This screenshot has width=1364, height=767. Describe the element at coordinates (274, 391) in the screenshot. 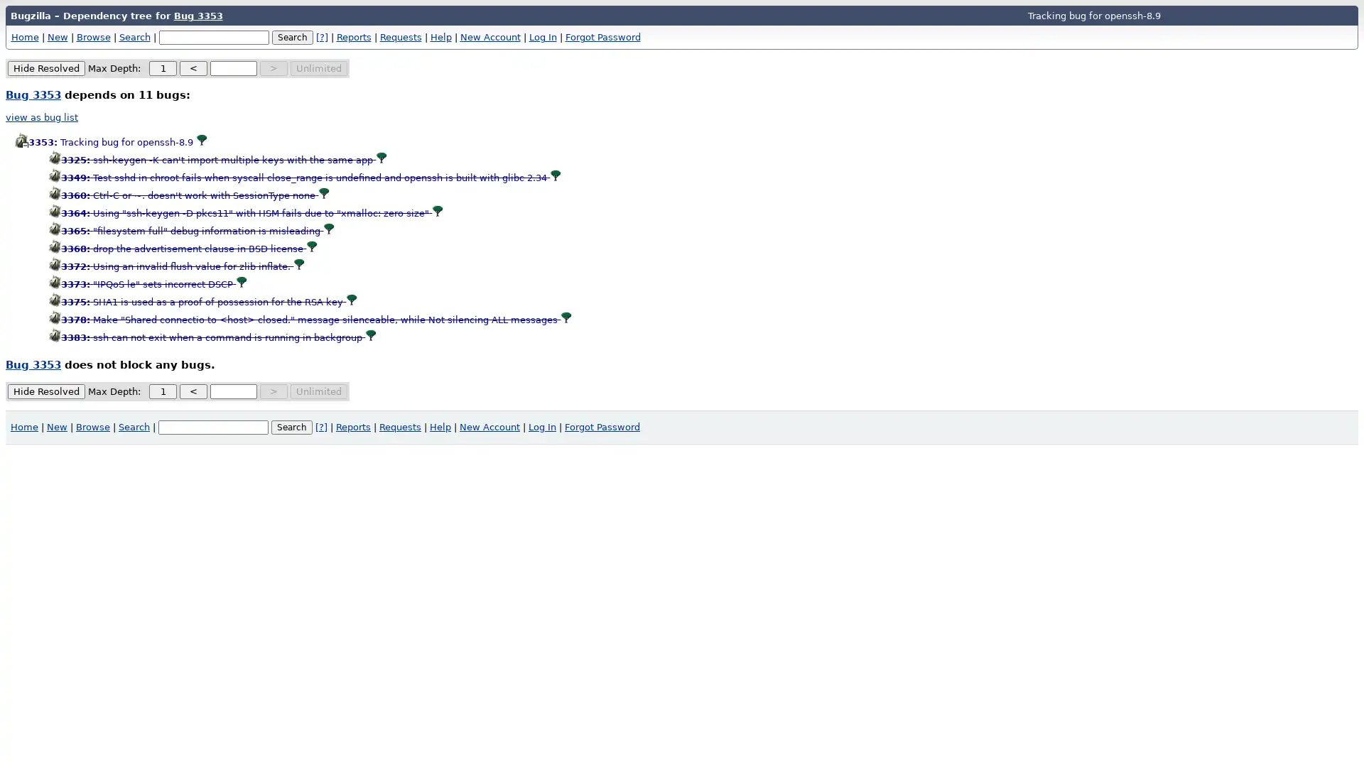

I see `>` at that location.